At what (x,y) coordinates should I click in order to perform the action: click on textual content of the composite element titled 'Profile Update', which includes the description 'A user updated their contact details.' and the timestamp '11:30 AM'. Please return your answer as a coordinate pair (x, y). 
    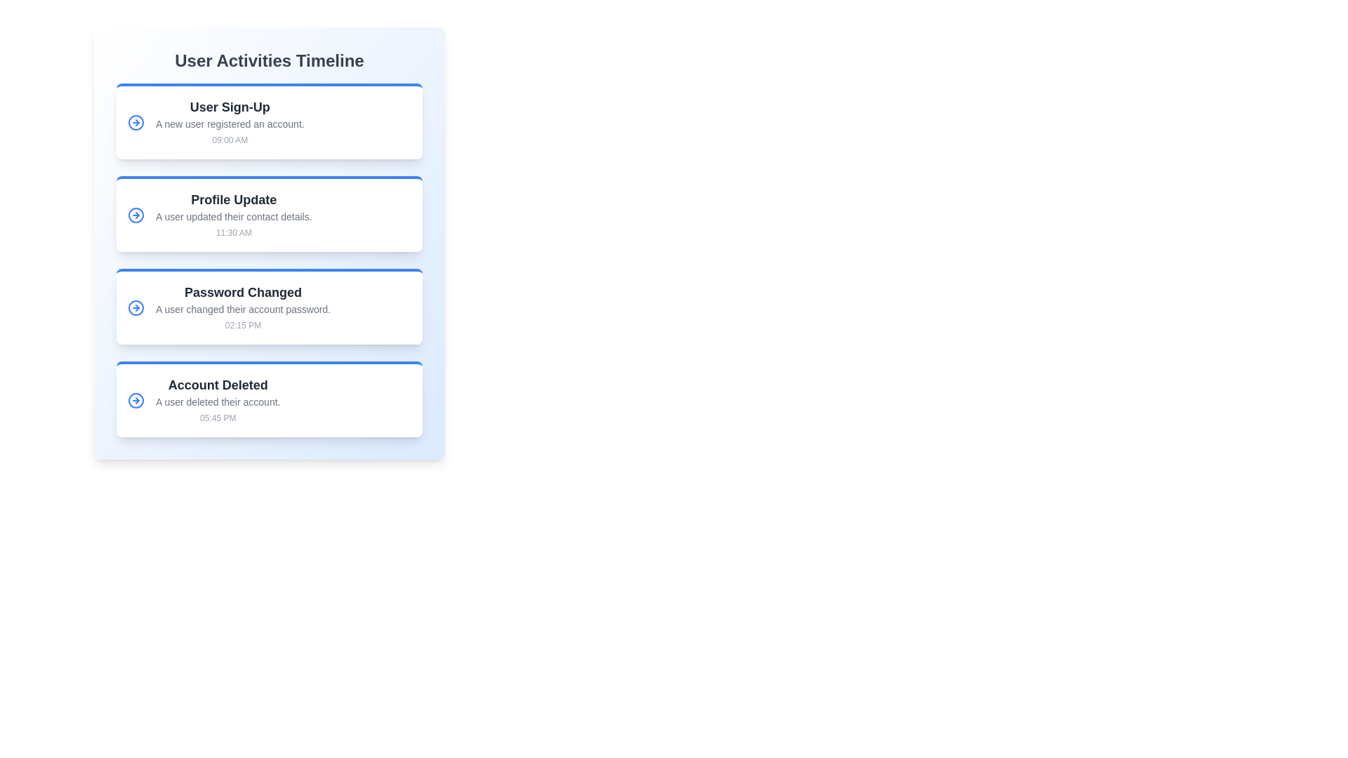
    Looking at the image, I should click on (234, 215).